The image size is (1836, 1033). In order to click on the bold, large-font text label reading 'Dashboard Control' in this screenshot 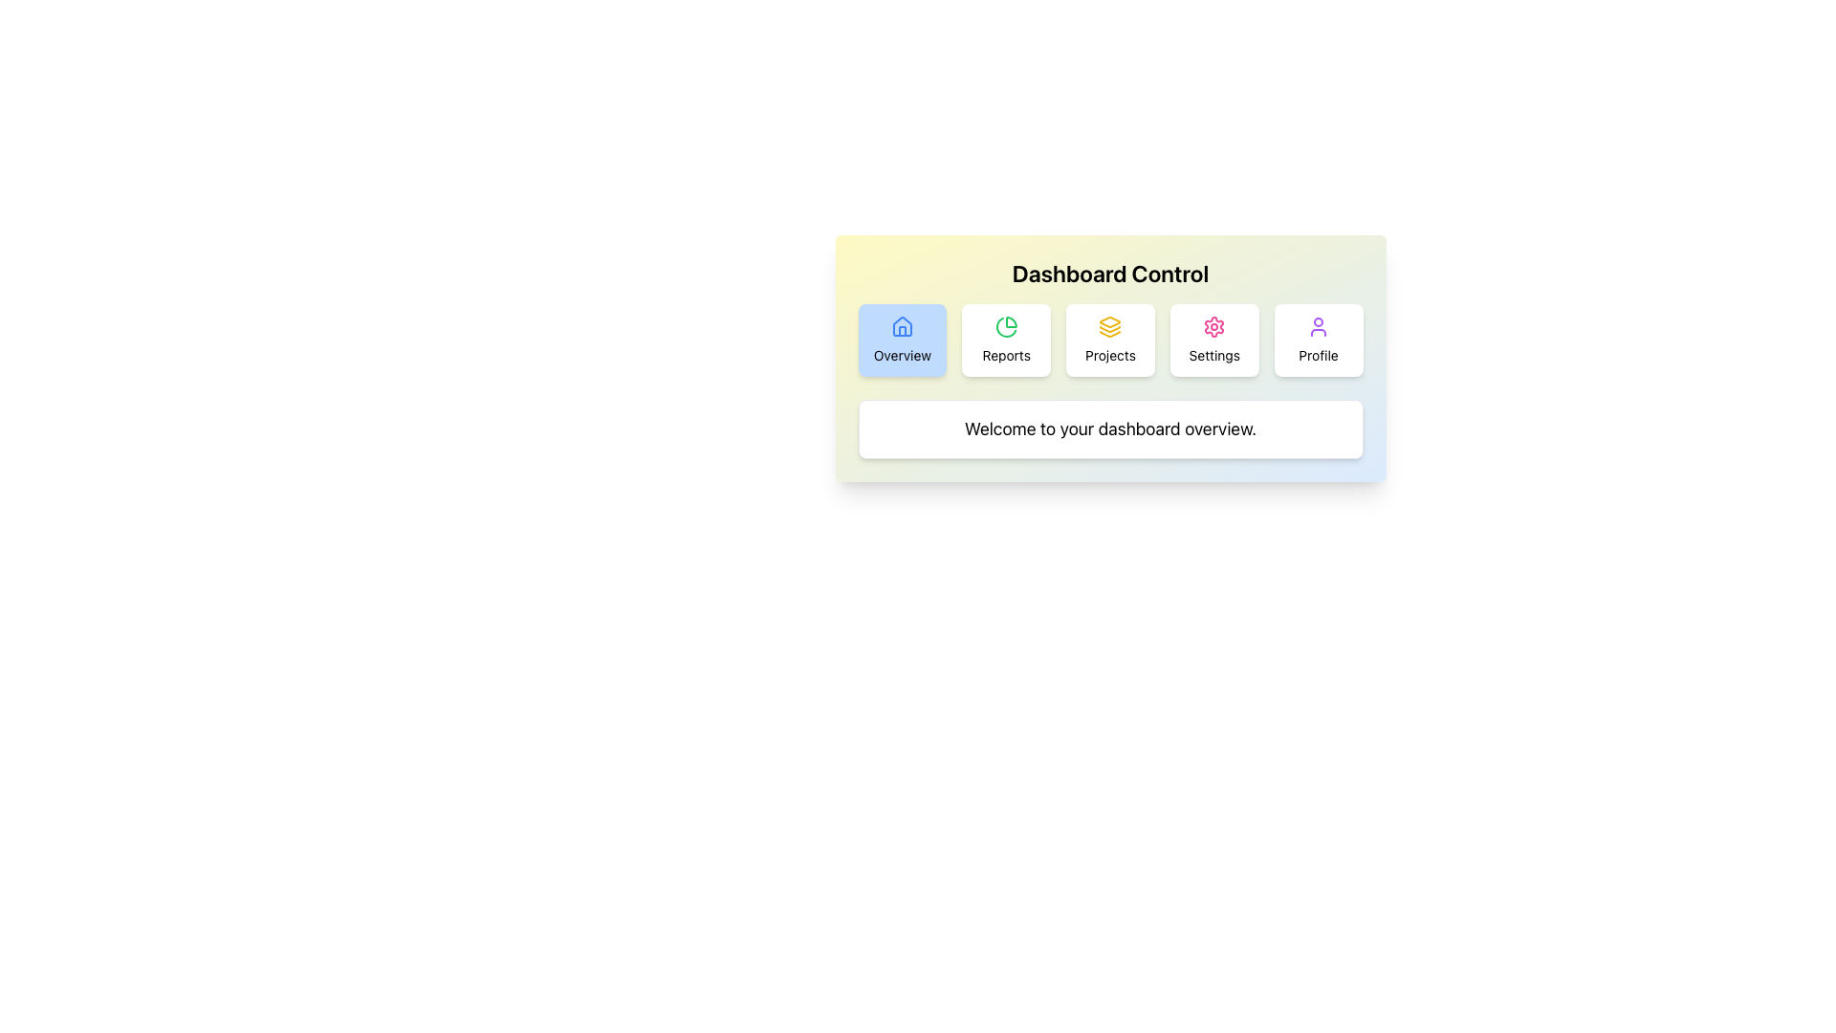, I will do `click(1110, 273)`.